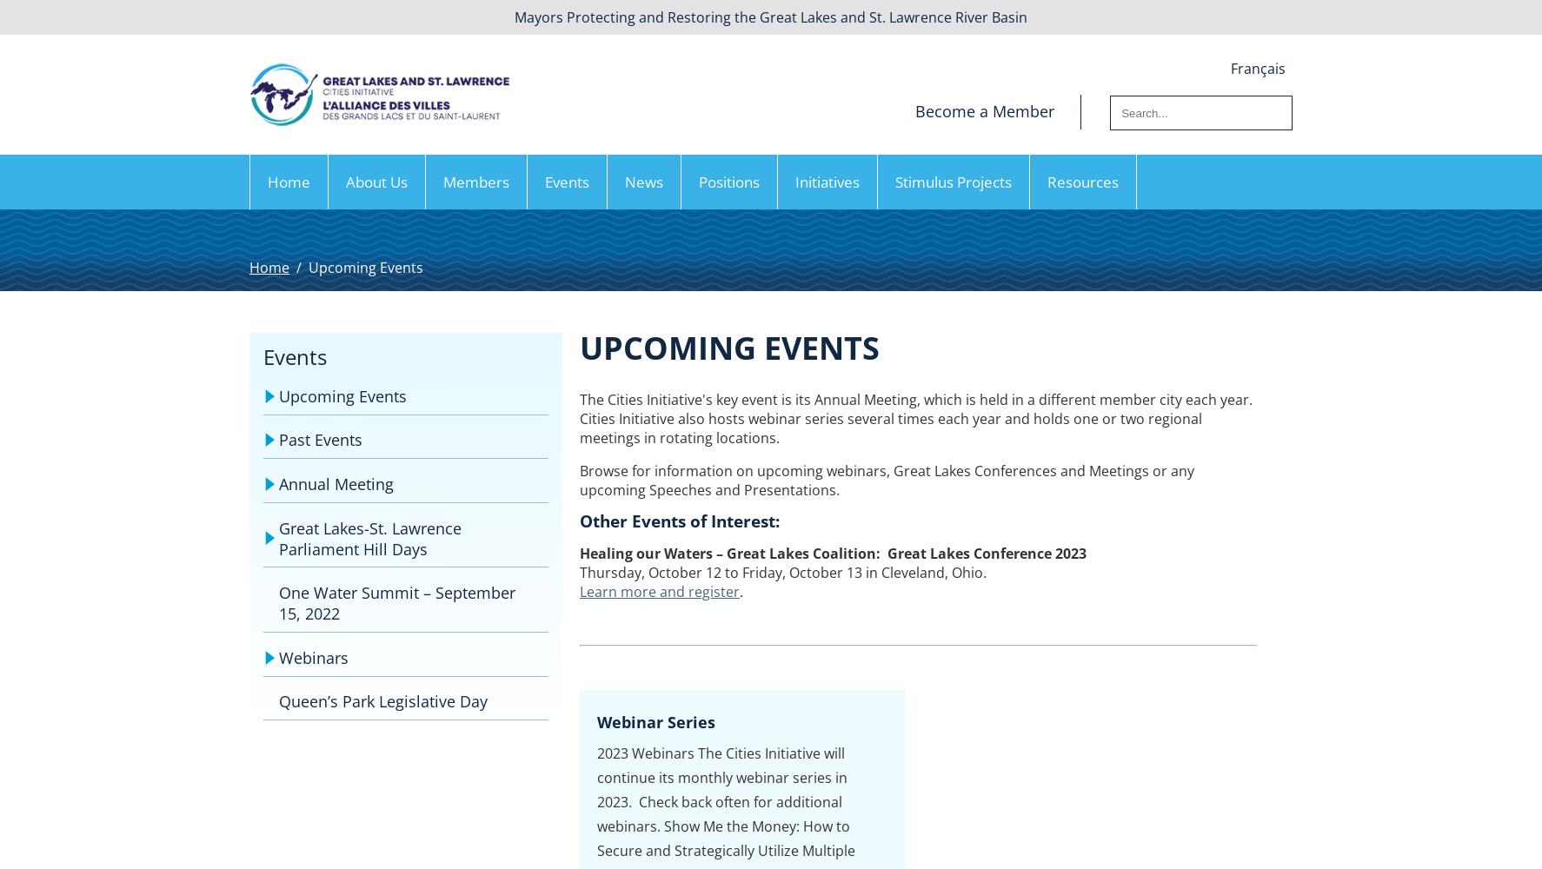 The image size is (1542, 869). What do you see at coordinates (278, 440) in the screenshot?
I see `'Past Events'` at bounding box center [278, 440].